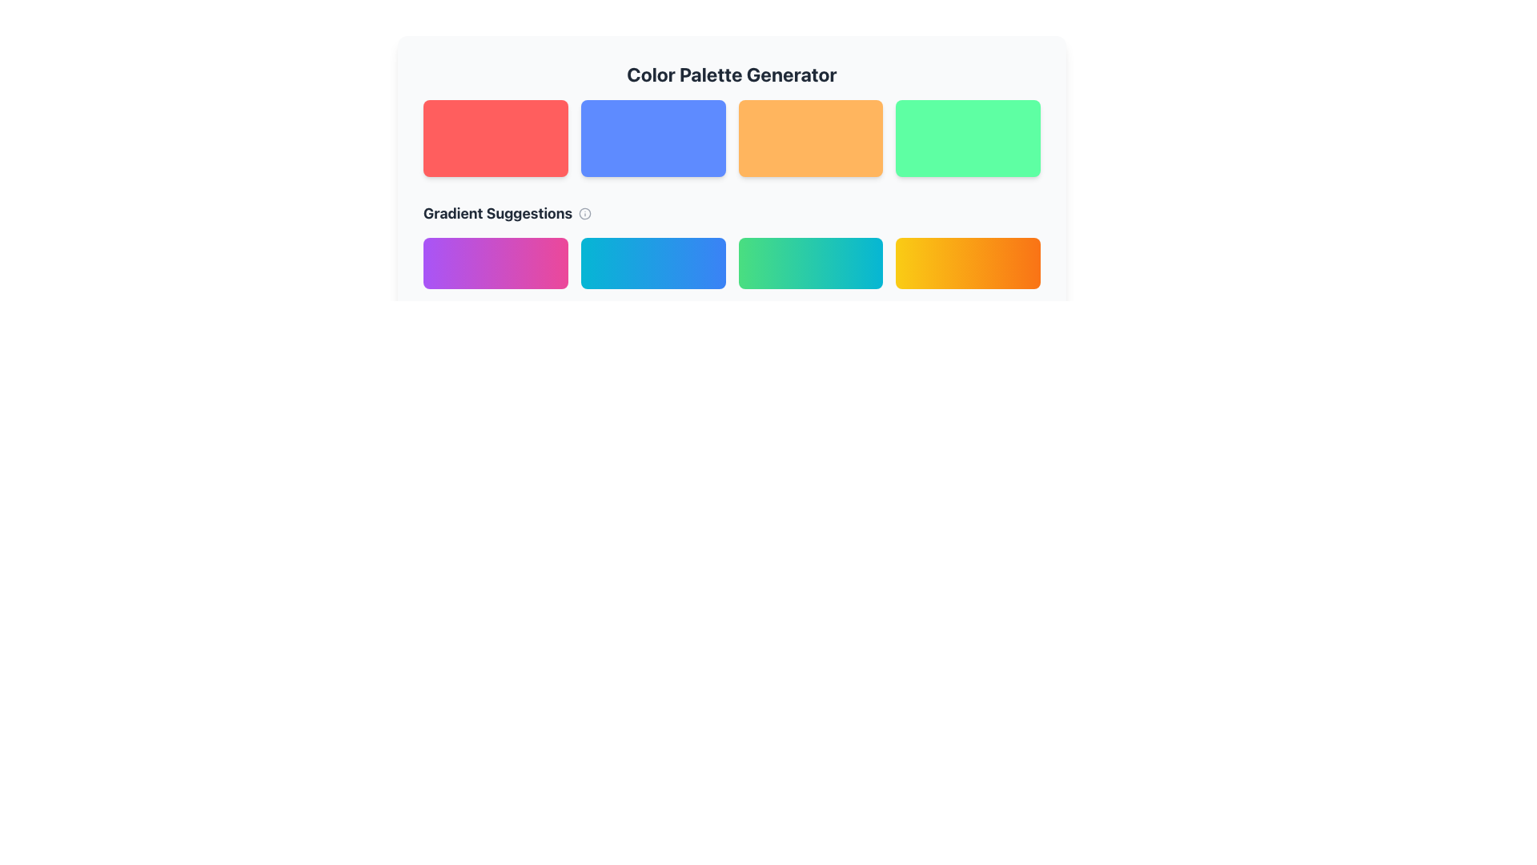 This screenshot has width=1537, height=865. What do you see at coordinates (810, 138) in the screenshot?
I see `the Color palette item, which is a rectangular button with a bright orange background, located third from the left in the top horizontal row of the grid layout` at bounding box center [810, 138].